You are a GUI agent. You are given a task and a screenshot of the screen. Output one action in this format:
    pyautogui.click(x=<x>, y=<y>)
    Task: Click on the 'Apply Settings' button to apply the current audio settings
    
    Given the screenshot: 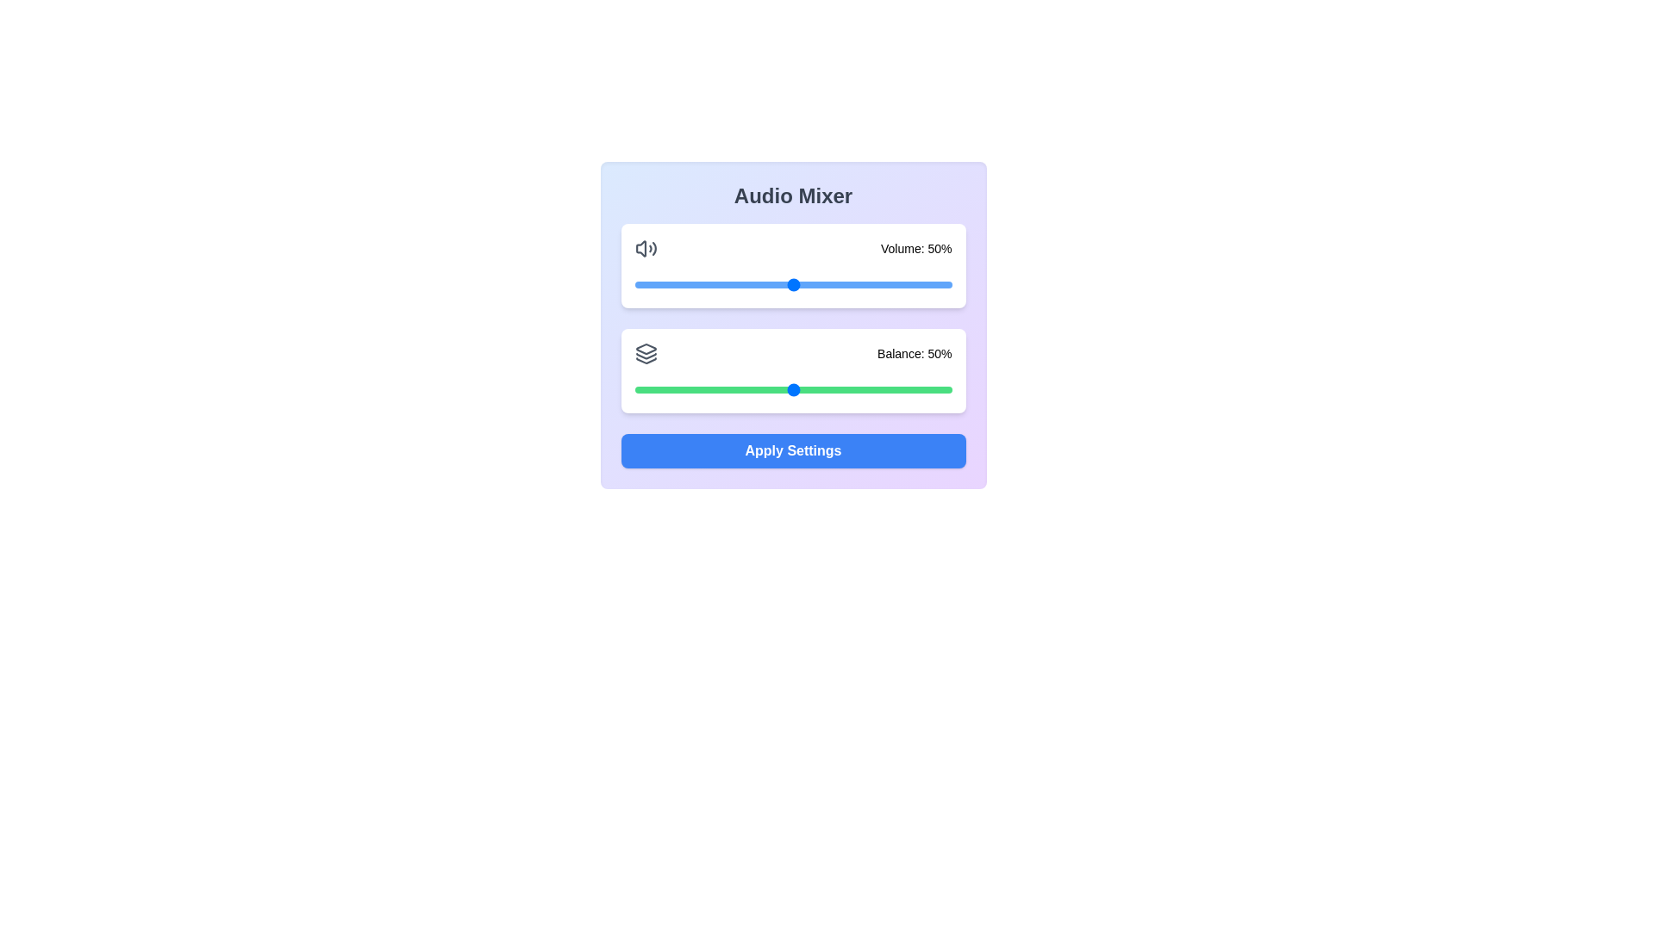 What is the action you would take?
    pyautogui.click(x=792, y=450)
    